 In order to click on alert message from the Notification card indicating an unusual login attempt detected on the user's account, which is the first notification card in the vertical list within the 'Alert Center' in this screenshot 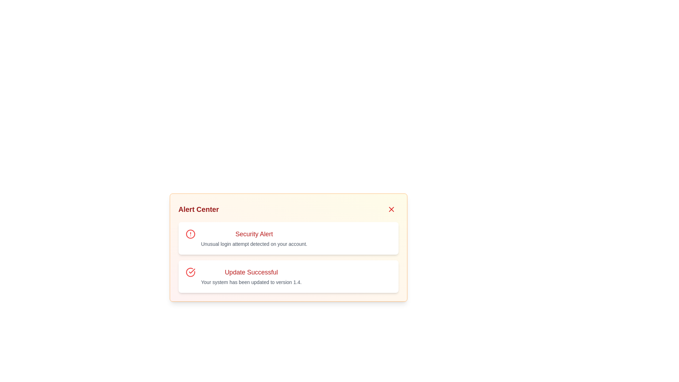, I will do `click(288, 238)`.